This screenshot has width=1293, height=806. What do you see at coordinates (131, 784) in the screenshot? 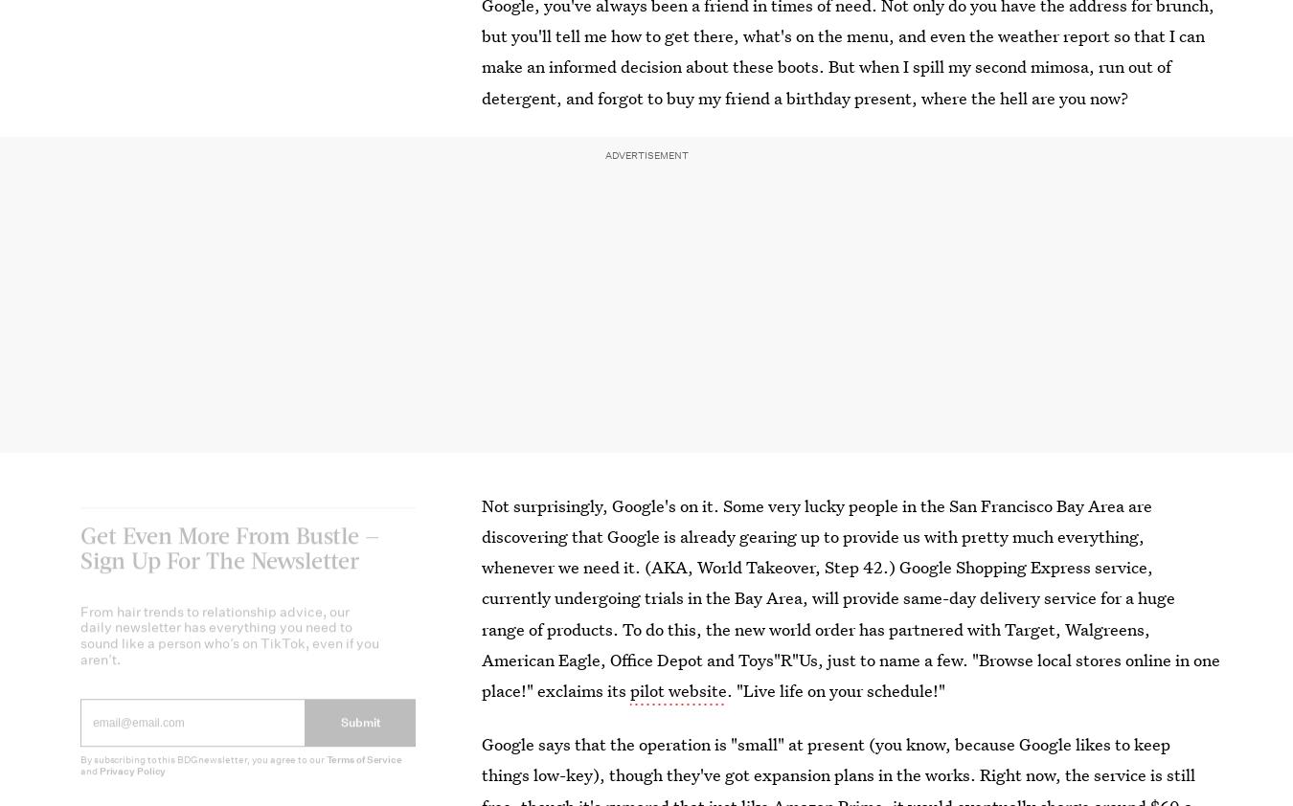
I see `'Privacy Policy'` at bounding box center [131, 784].